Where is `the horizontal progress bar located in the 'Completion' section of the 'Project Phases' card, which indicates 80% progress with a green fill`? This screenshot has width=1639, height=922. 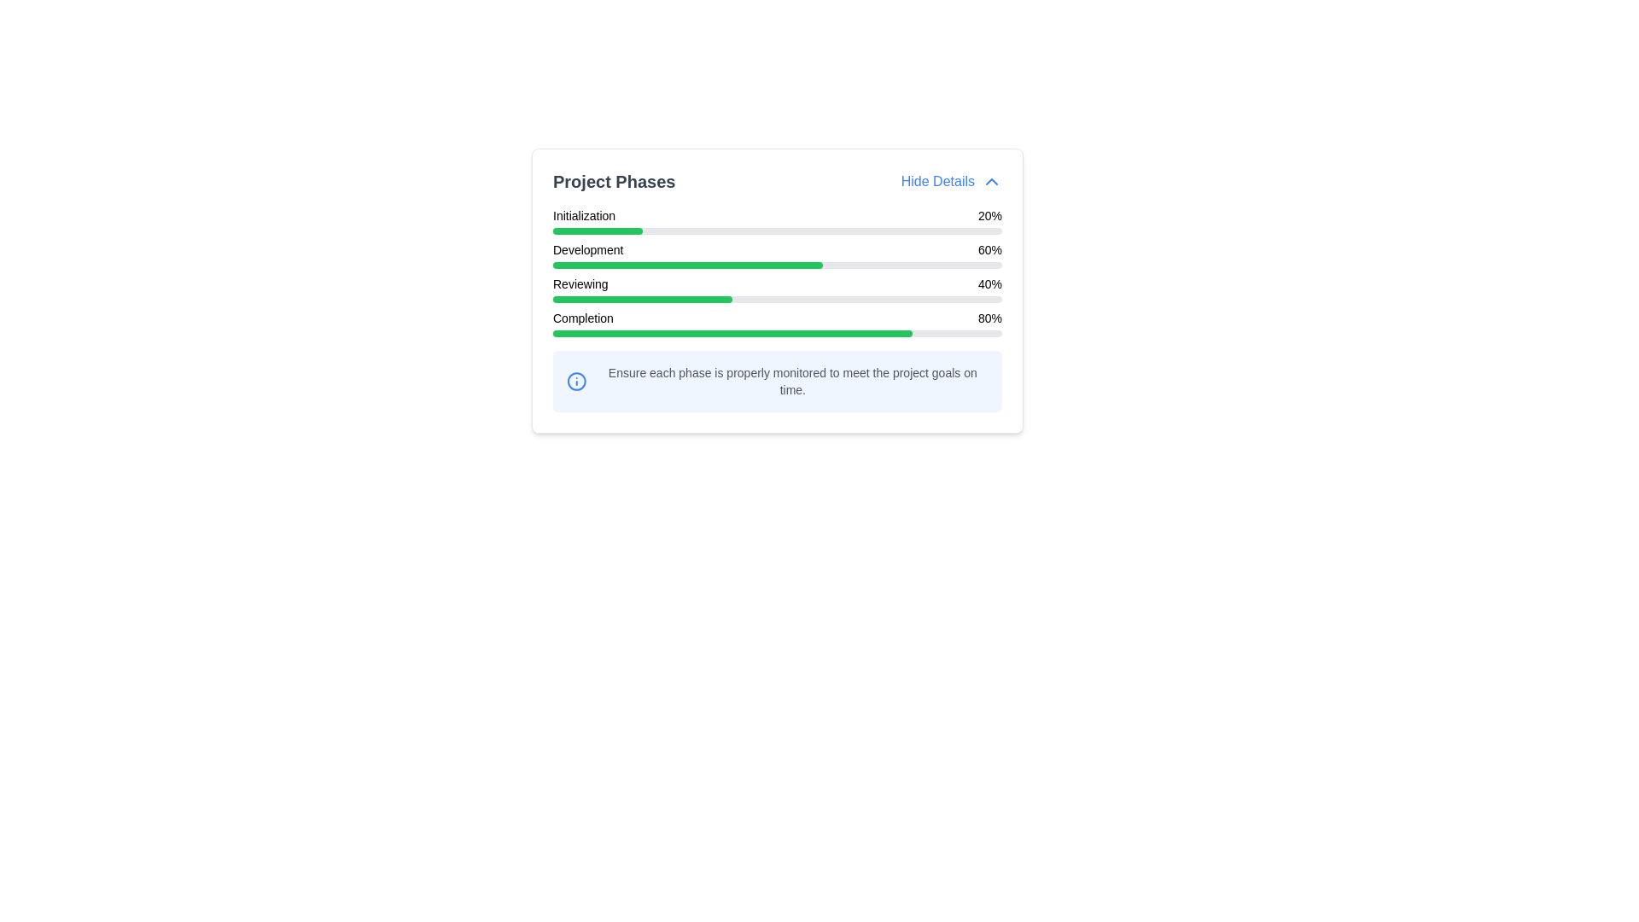
the horizontal progress bar located in the 'Completion' section of the 'Project Phases' card, which indicates 80% progress with a green fill is located at coordinates (777, 333).